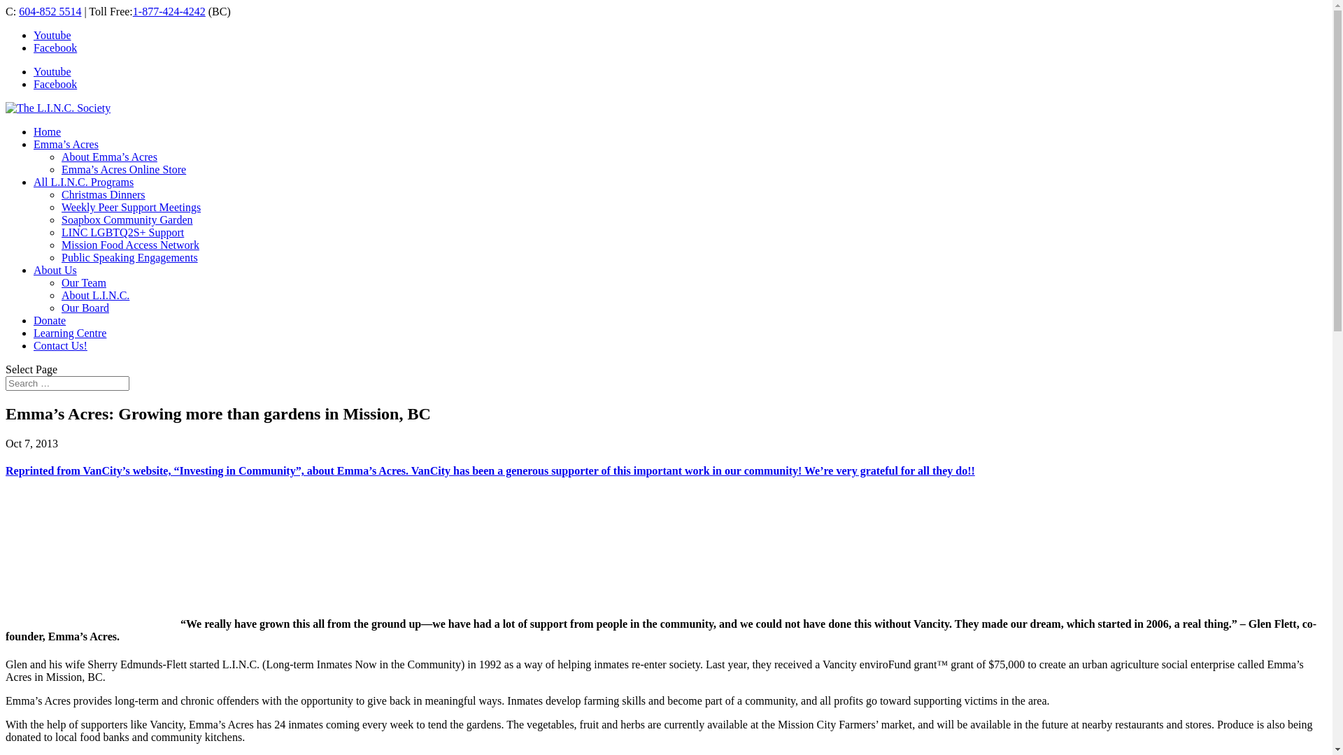 This screenshot has height=755, width=1343. I want to click on 'Soapbox Community Garden', so click(60, 220).